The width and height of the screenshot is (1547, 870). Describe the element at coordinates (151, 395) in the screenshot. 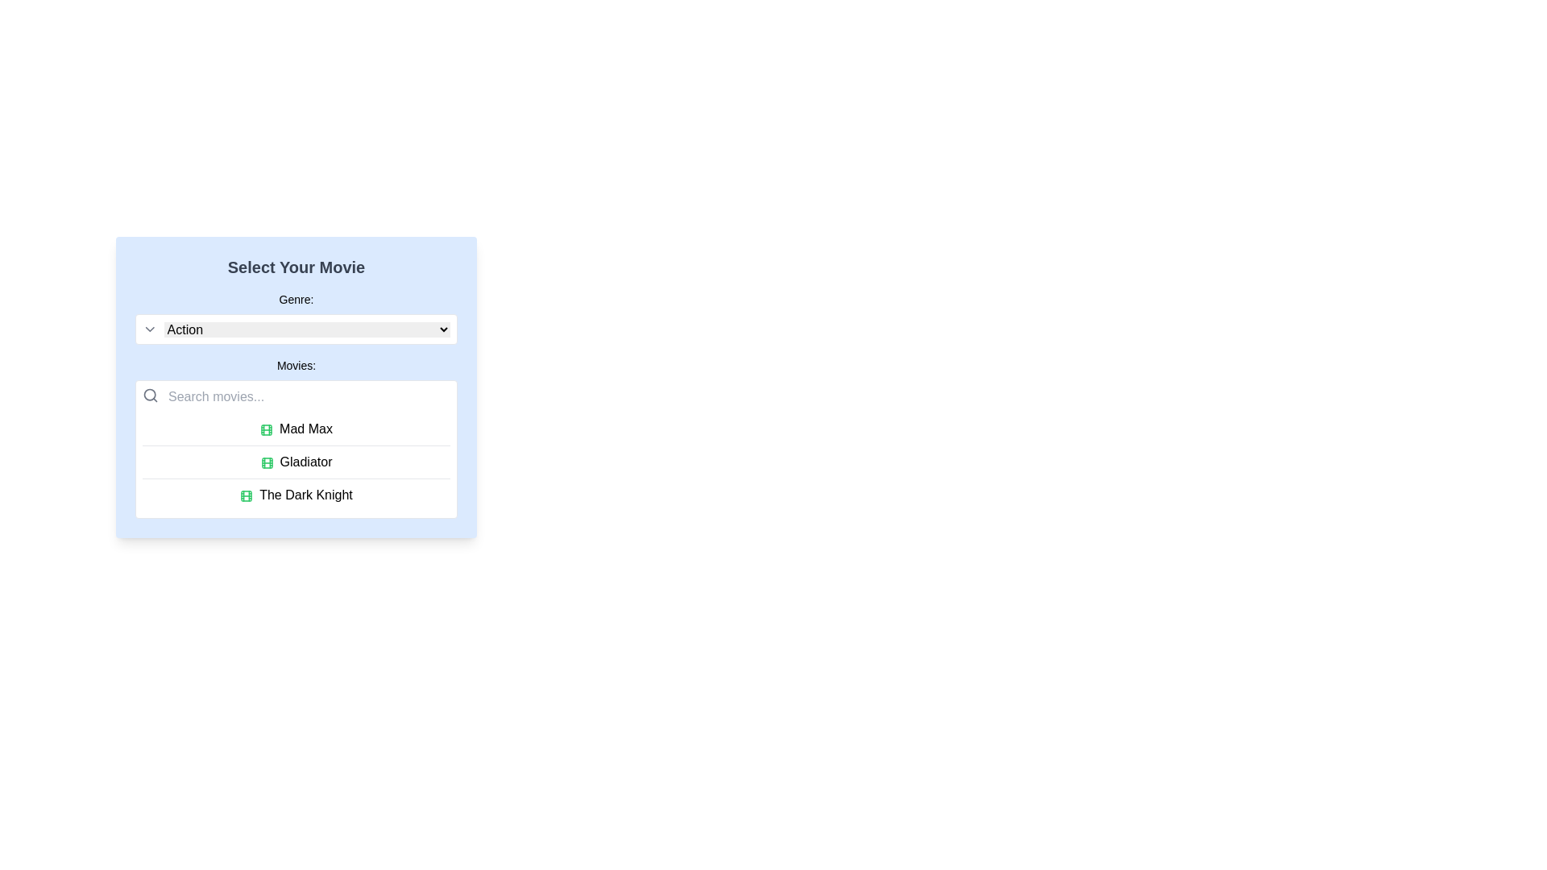

I see `the magnifying glass icon to focus the search box, which is located inside the white input box with the placeholder text 'Search movies...'` at that location.